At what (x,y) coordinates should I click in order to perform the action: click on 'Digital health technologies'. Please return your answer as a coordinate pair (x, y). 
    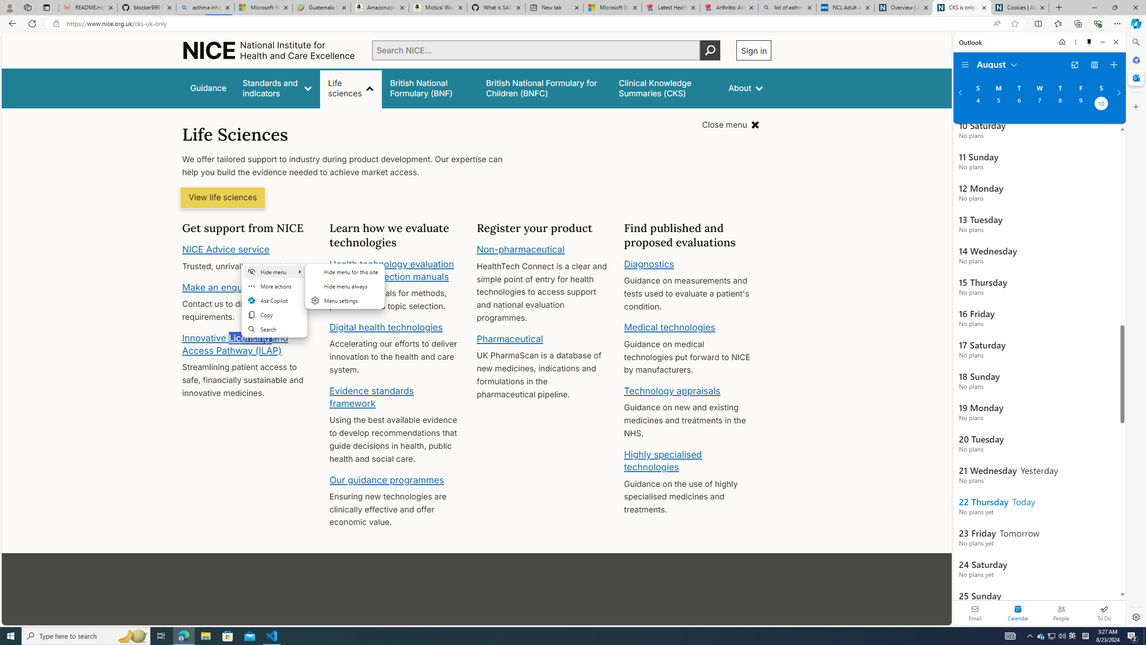
    Looking at the image, I should click on (385, 327).